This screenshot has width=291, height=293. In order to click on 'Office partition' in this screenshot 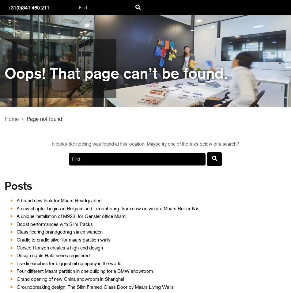, I will do `click(31, 132)`.